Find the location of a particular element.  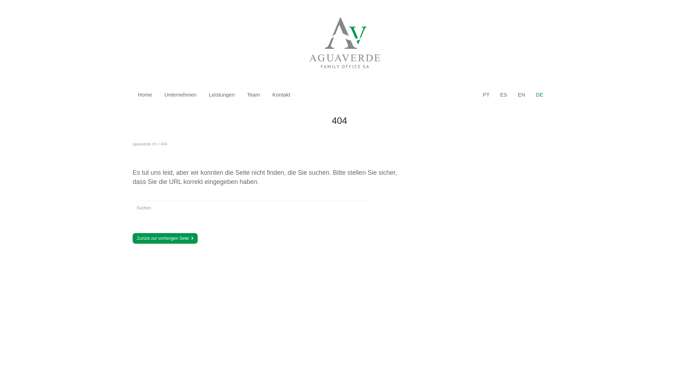

'Home' is located at coordinates (144, 94).